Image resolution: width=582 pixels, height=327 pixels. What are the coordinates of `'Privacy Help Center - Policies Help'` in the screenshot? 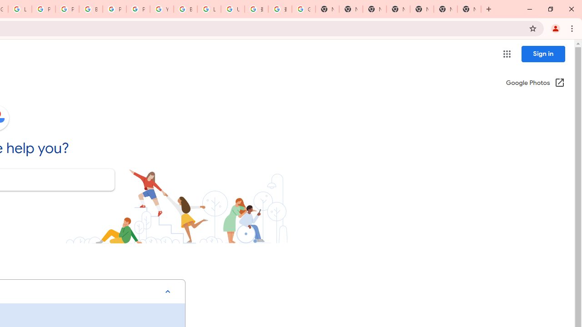 It's located at (66, 9).